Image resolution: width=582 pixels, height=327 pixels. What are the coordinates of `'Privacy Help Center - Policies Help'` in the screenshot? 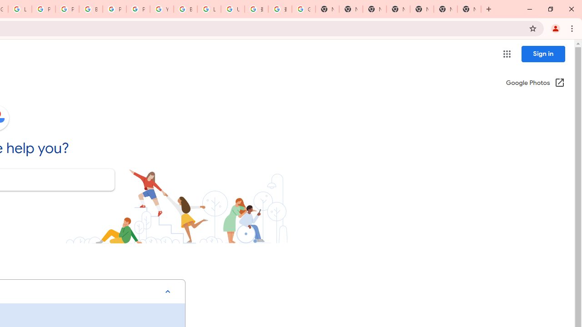 It's located at (66, 9).